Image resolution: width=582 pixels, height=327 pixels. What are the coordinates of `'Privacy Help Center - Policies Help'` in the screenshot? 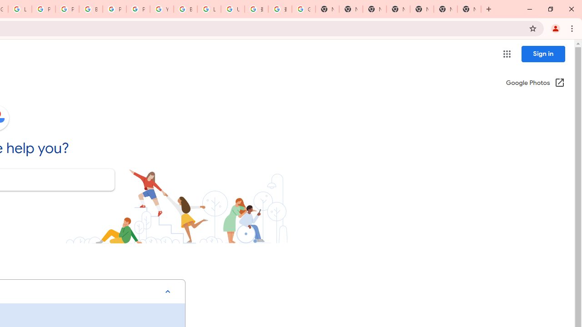 It's located at (66, 9).